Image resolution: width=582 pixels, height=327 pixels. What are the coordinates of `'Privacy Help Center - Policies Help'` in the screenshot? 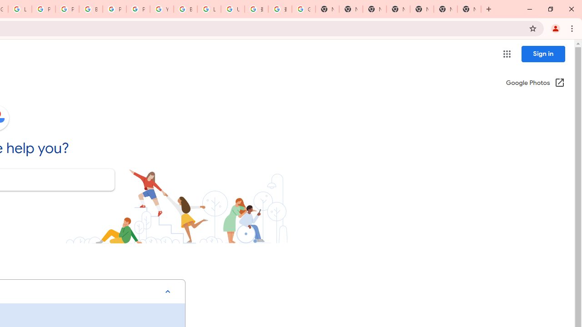 It's located at (66, 9).